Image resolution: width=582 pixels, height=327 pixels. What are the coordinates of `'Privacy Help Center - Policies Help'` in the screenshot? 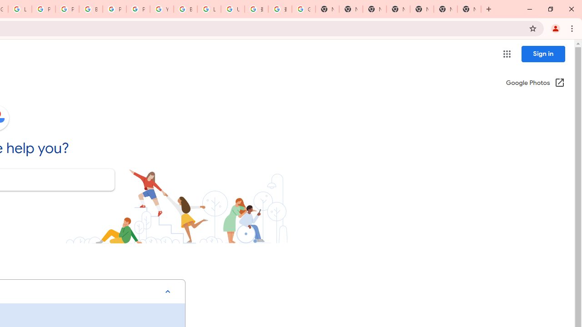 It's located at (66, 9).